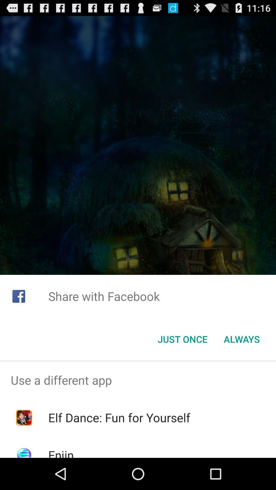  Describe the element at coordinates (241, 339) in the screenshot. I see `the always at the bottom right corner` at that location.